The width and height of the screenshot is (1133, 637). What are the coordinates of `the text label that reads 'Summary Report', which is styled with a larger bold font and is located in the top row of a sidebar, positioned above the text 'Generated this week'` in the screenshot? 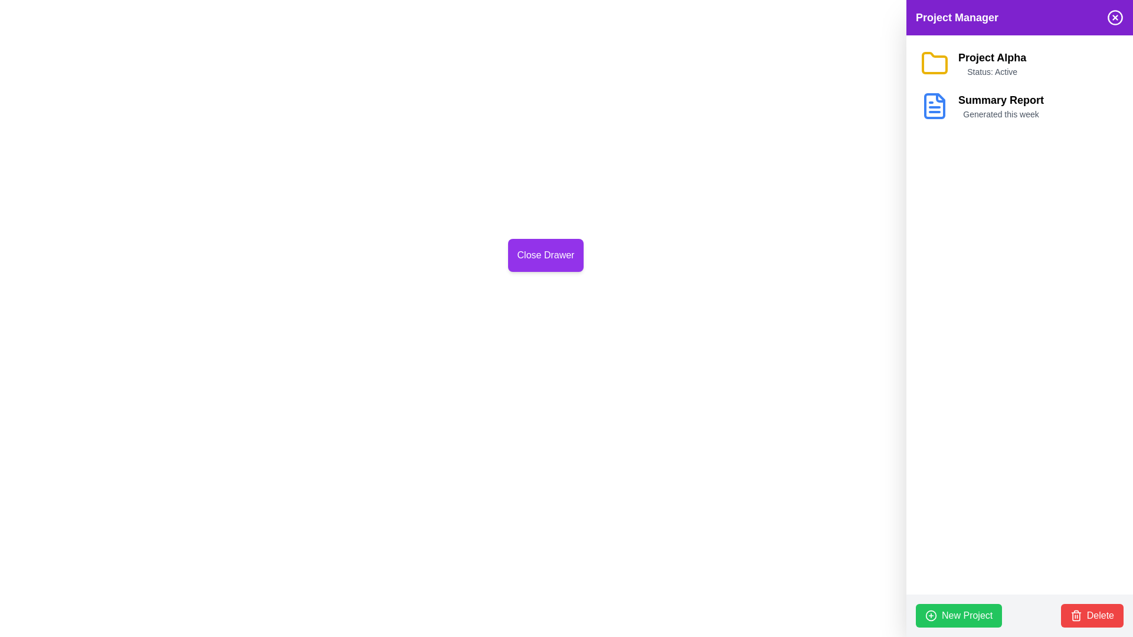 It's located at (1000, 99).